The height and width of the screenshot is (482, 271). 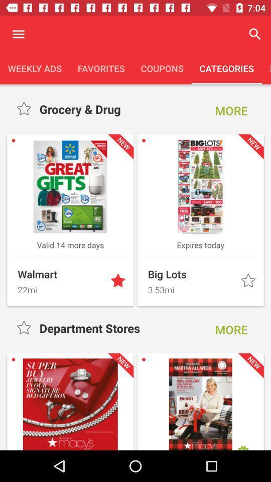 What do you see at coordinates (248, 281) in the screenshot?
I see `highlight it` at bounding box center [248, 281].